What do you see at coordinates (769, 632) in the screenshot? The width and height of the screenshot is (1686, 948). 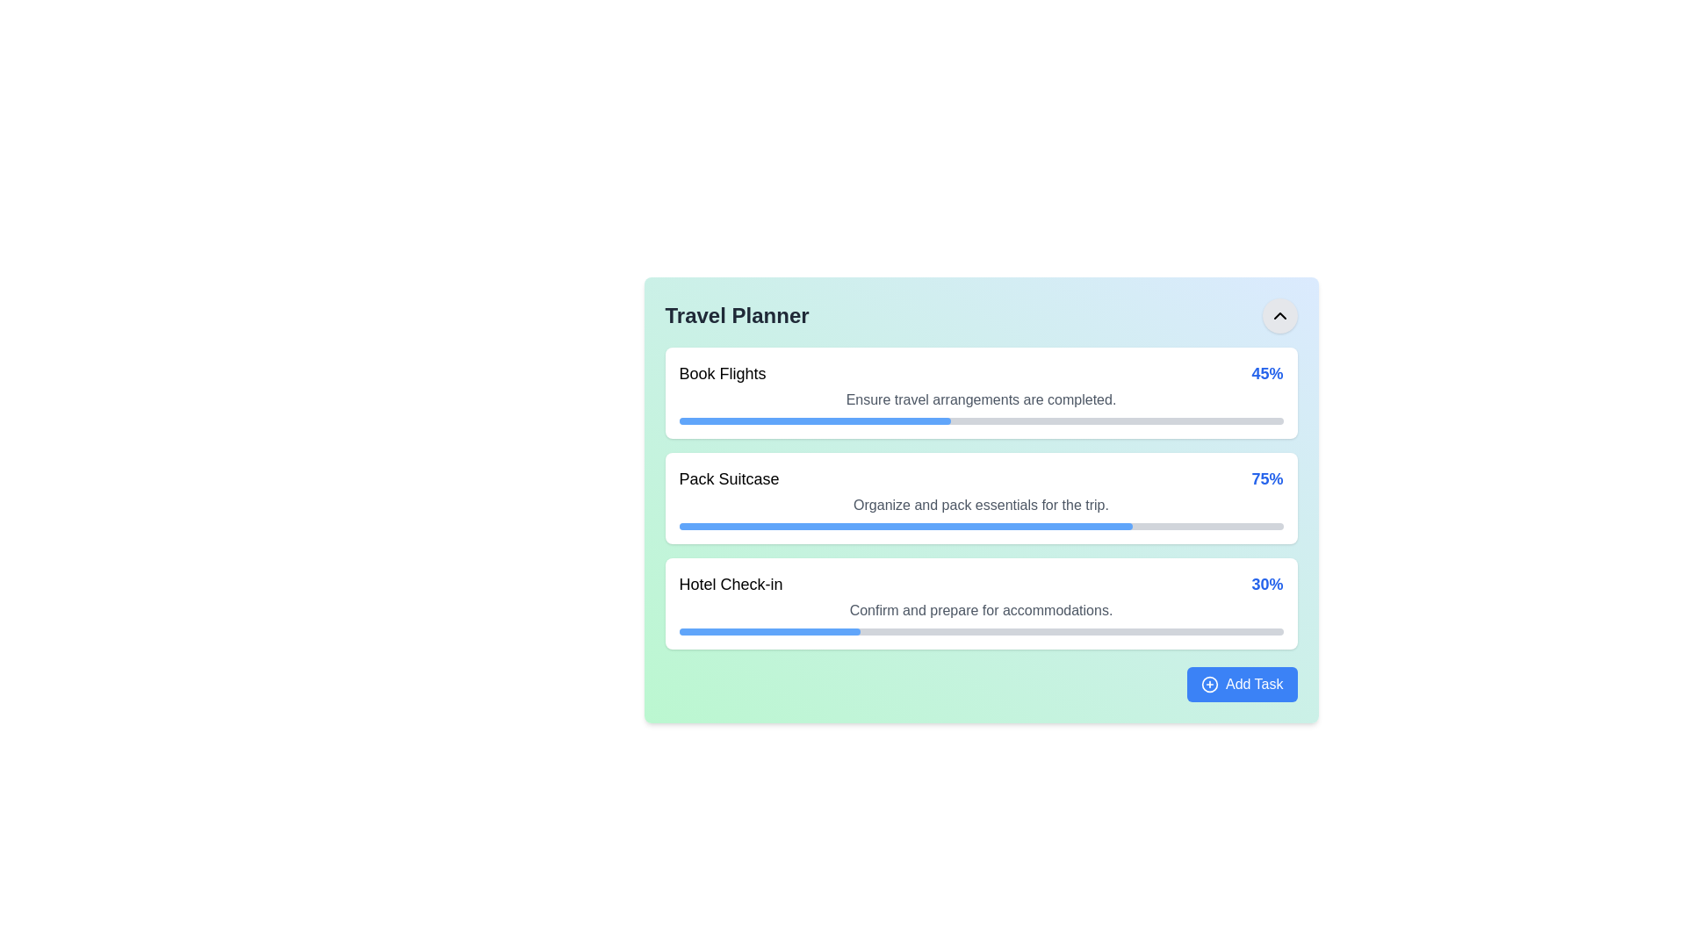 I see `the blue progress bar segment representing the partial fill for the 'Hotel Check-in' task in the 'Travel Planner' section` at bounding box center [769, 632].